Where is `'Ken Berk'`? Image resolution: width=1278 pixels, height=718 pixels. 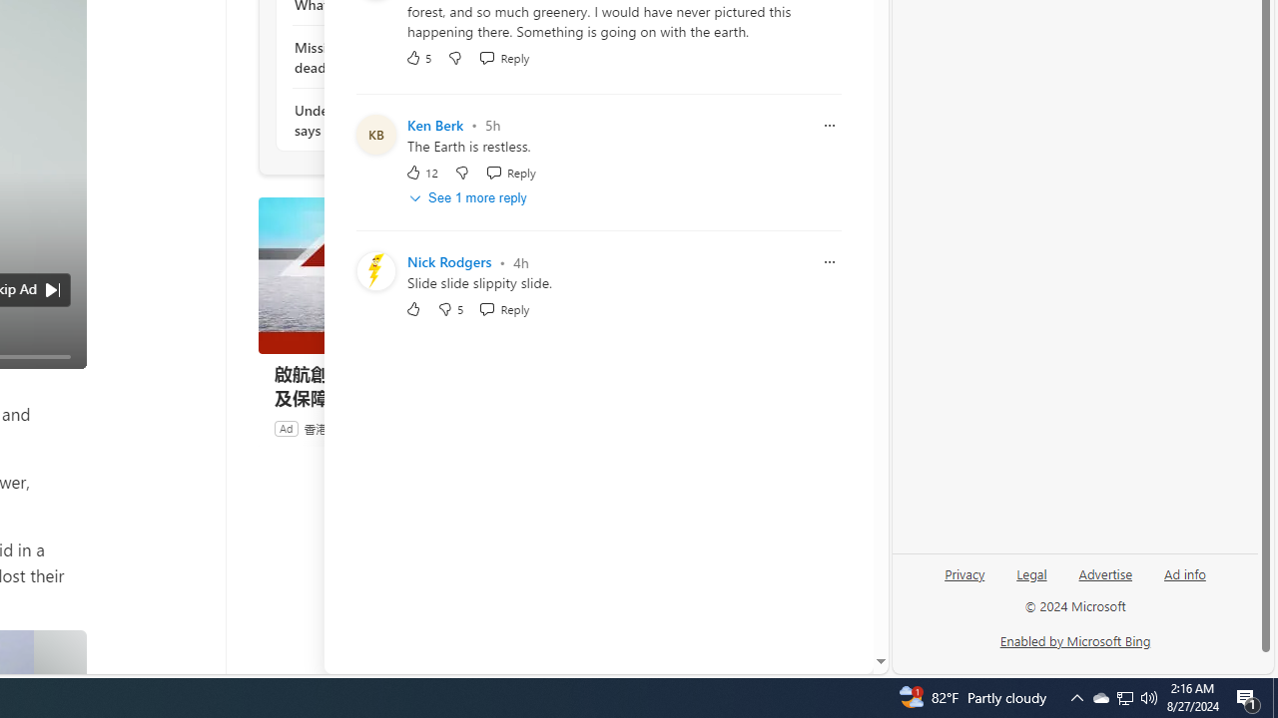 'Ken Berk' is located at coordinates (434, 125).